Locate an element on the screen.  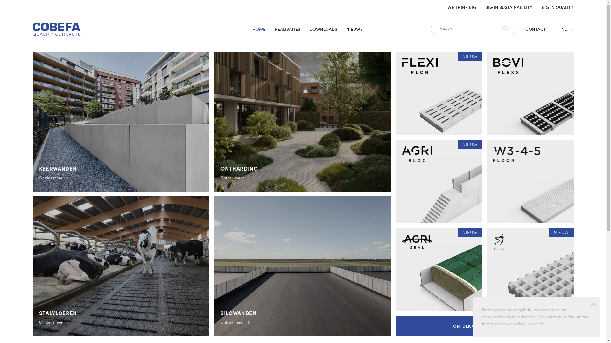
'DOWNLOADS' is located at coordinates (323, 29).